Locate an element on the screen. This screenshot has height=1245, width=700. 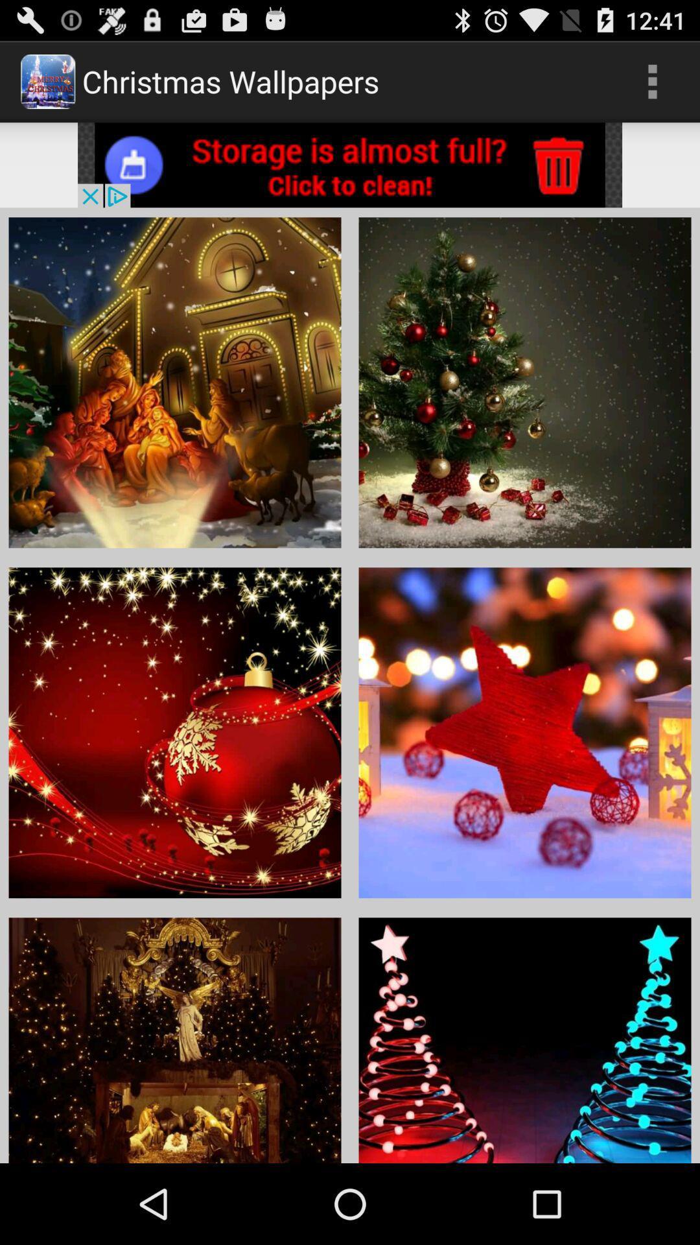
banner advertisement is located at coordinates (350, 164).